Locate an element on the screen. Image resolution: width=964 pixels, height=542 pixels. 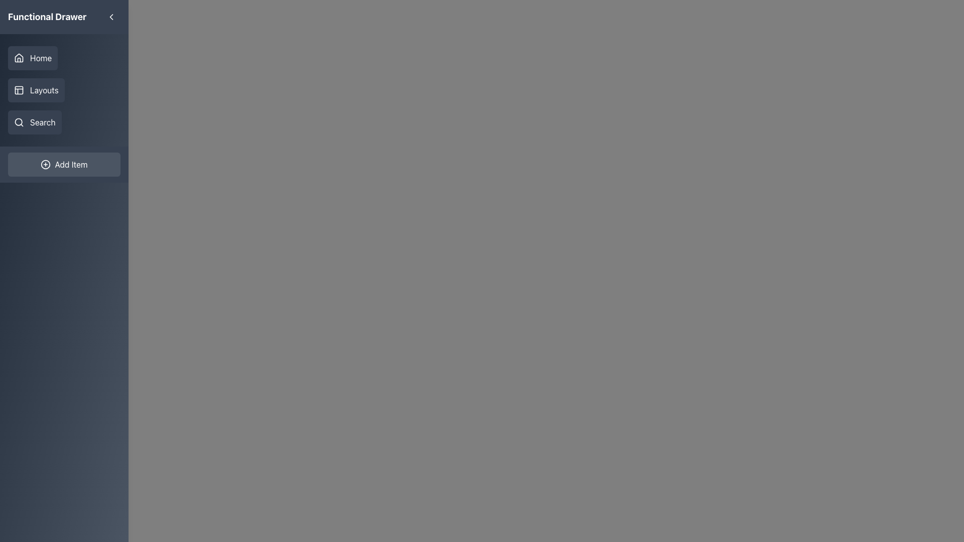
the icon within the 'Add Item' button located in the bottom section of the drawer menu is located at coordinates (45, 164).